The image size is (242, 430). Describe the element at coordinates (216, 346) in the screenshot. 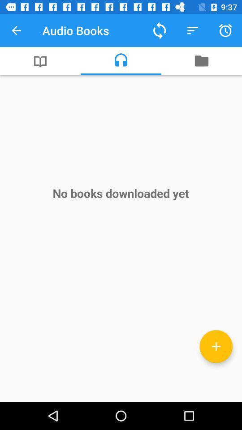

I see `selection` at that location.